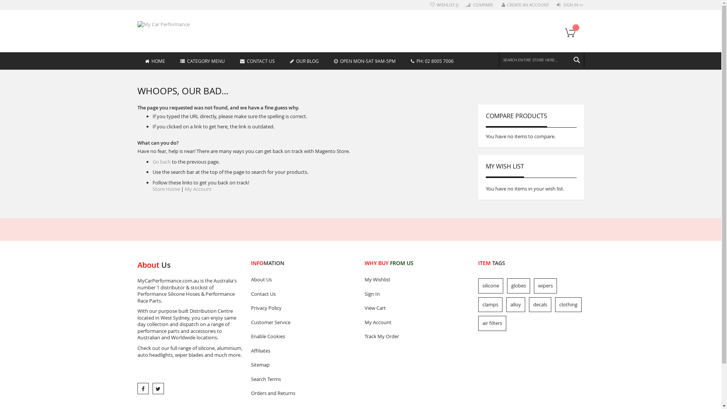 This screenshot has height=409, width=727. What do you see at coordinates (518, 286) in the screenshot?
I see `'globes'` at bounding box center [518, 286].